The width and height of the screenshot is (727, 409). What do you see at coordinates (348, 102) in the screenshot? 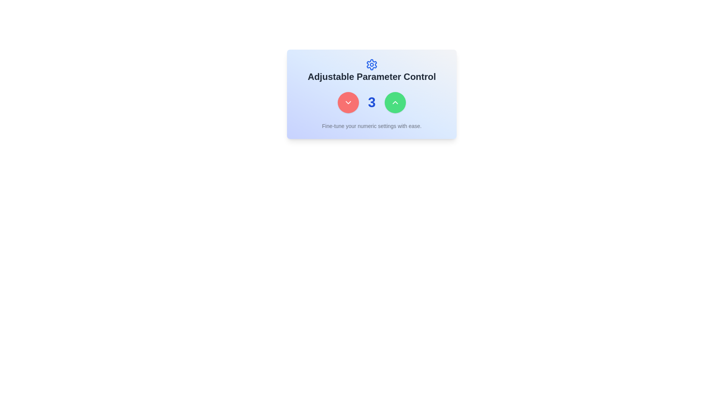
I see `the button located on the left side of the group, which decreases the numerical value displayed next to it, currently showing '3'` at bounding box center [348, 102].